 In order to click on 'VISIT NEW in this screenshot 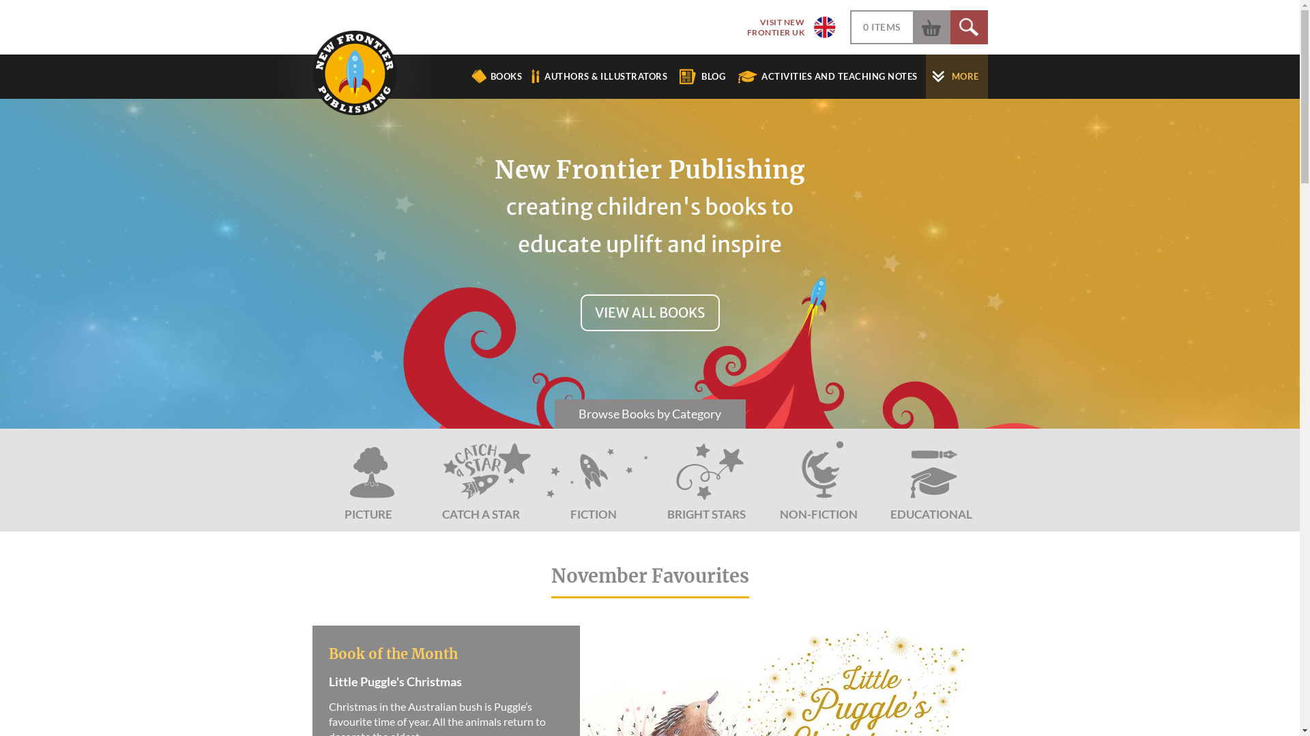, I will do `click(786, 27)`.